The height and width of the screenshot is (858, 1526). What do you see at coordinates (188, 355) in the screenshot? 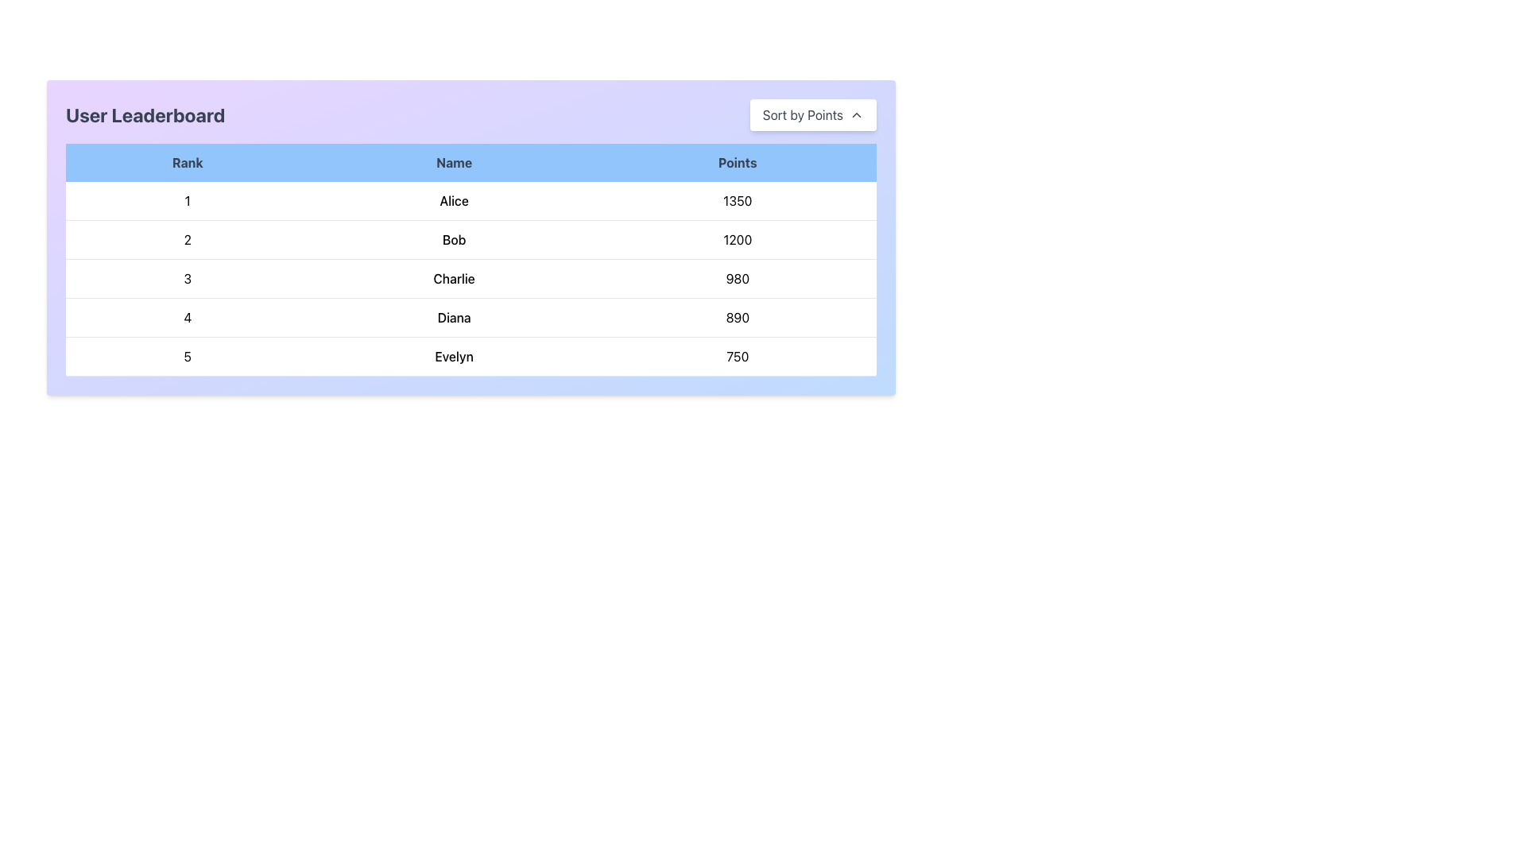
I see `the static text element displaying the rank number of 'Evelyn' in the leaderboard, located in the first cell of the last visible row under the 'Rank' column` at bounding box center [188, 355].